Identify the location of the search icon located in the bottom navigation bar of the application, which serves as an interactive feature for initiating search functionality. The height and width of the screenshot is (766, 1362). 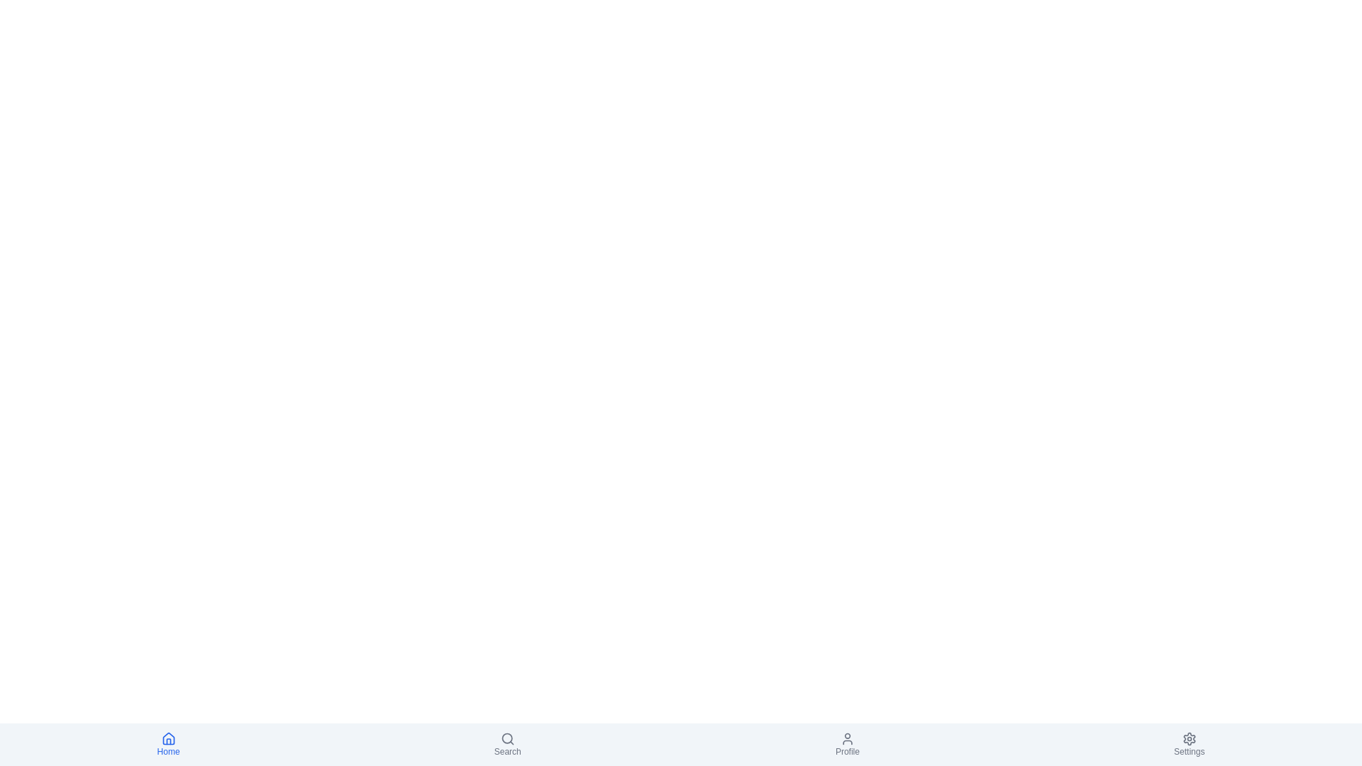
(507, 738).